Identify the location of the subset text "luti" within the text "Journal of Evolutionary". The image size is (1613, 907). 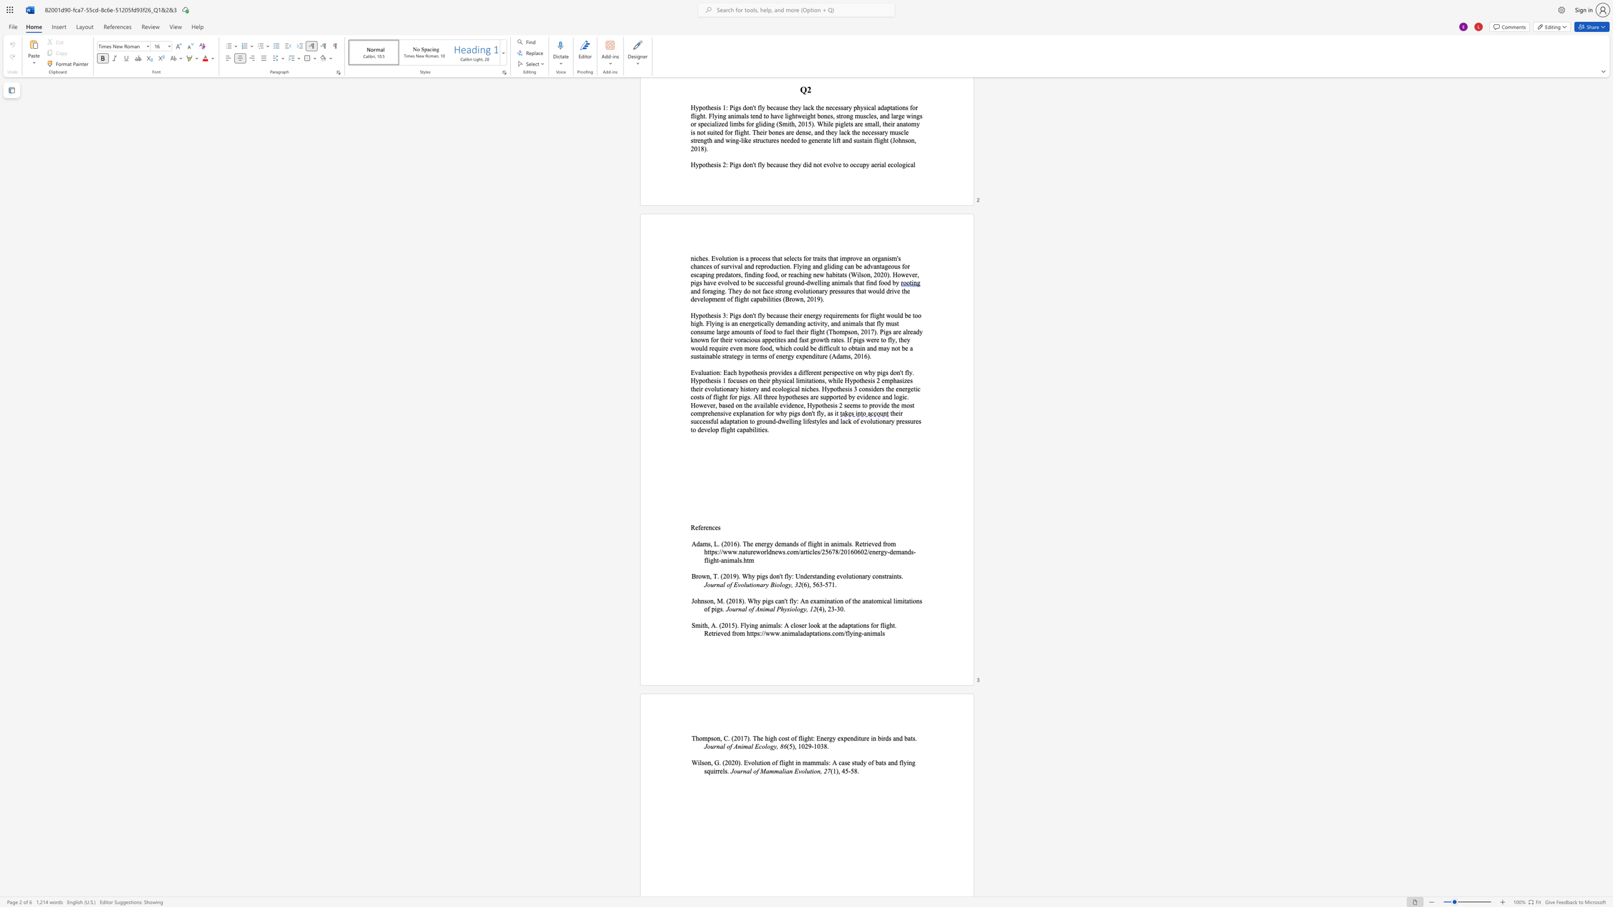
(744, 584).